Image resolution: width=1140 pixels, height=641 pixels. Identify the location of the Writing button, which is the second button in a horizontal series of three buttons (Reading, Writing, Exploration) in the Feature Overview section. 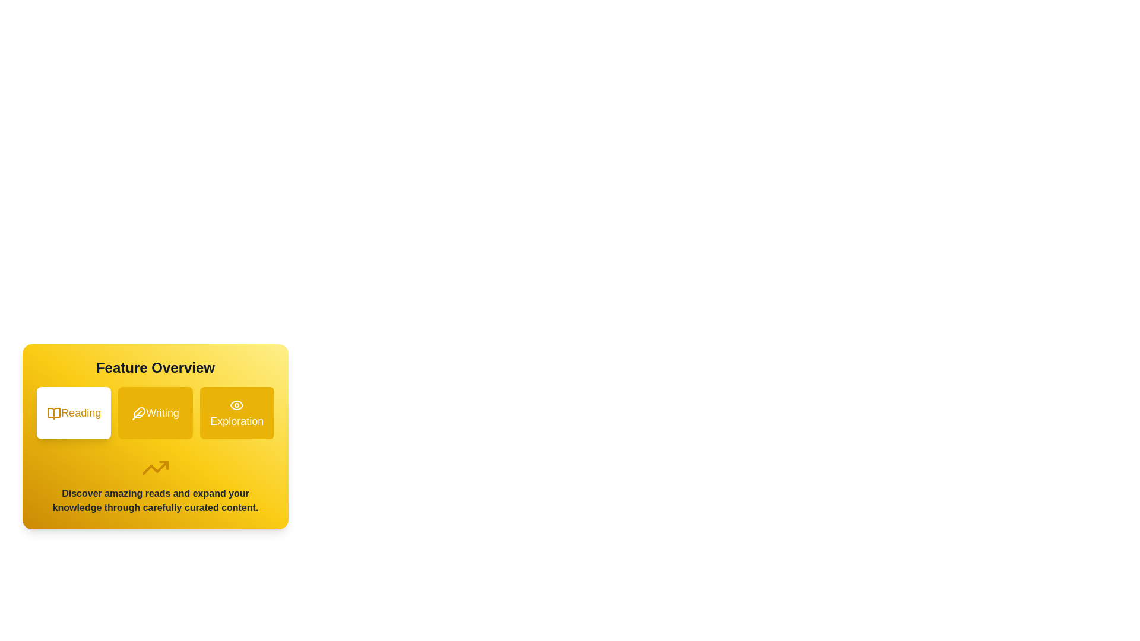
(155, 412).